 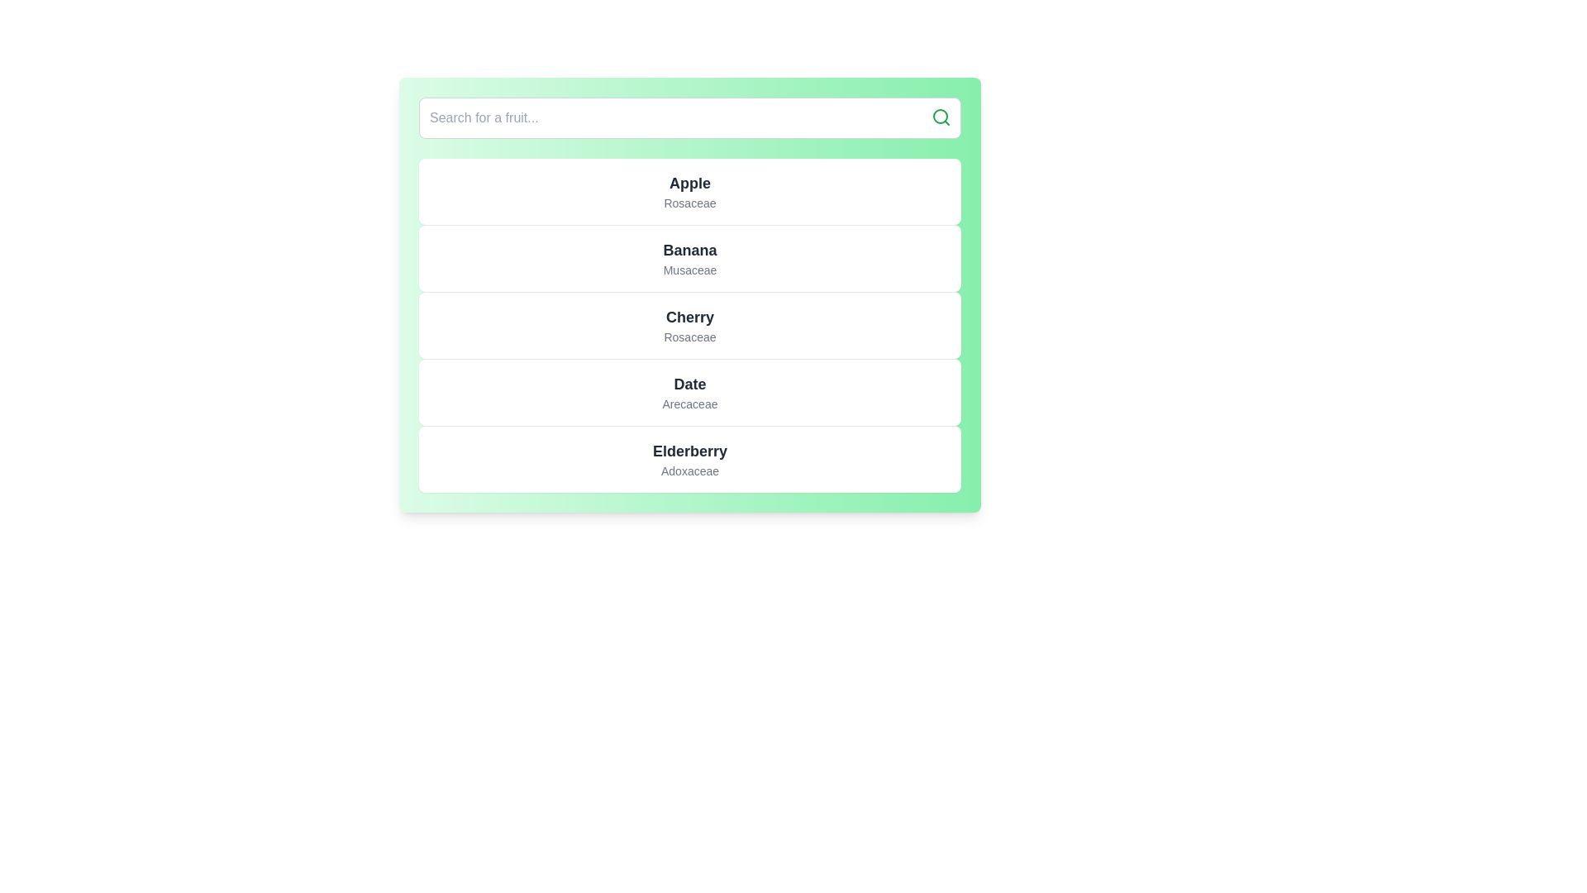 I want to click on the third interactive list item labeled 'Cherry - Rosaceae', so click(x=690, y=325).